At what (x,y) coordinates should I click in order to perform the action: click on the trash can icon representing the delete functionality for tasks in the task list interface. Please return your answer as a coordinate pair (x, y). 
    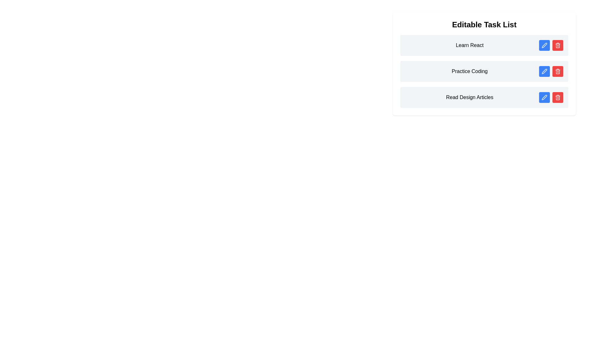
    Looking at the image, I should click on (557, 71).